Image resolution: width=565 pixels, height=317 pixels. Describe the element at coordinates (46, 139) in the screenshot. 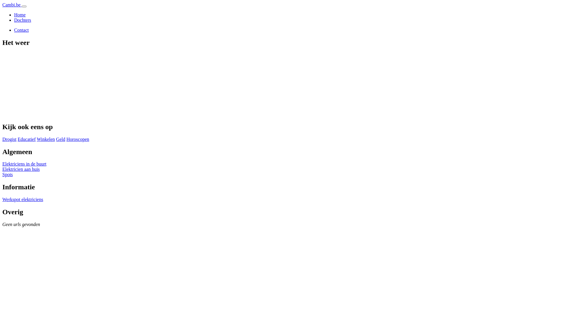

I see `'Winkelen'` at that location.